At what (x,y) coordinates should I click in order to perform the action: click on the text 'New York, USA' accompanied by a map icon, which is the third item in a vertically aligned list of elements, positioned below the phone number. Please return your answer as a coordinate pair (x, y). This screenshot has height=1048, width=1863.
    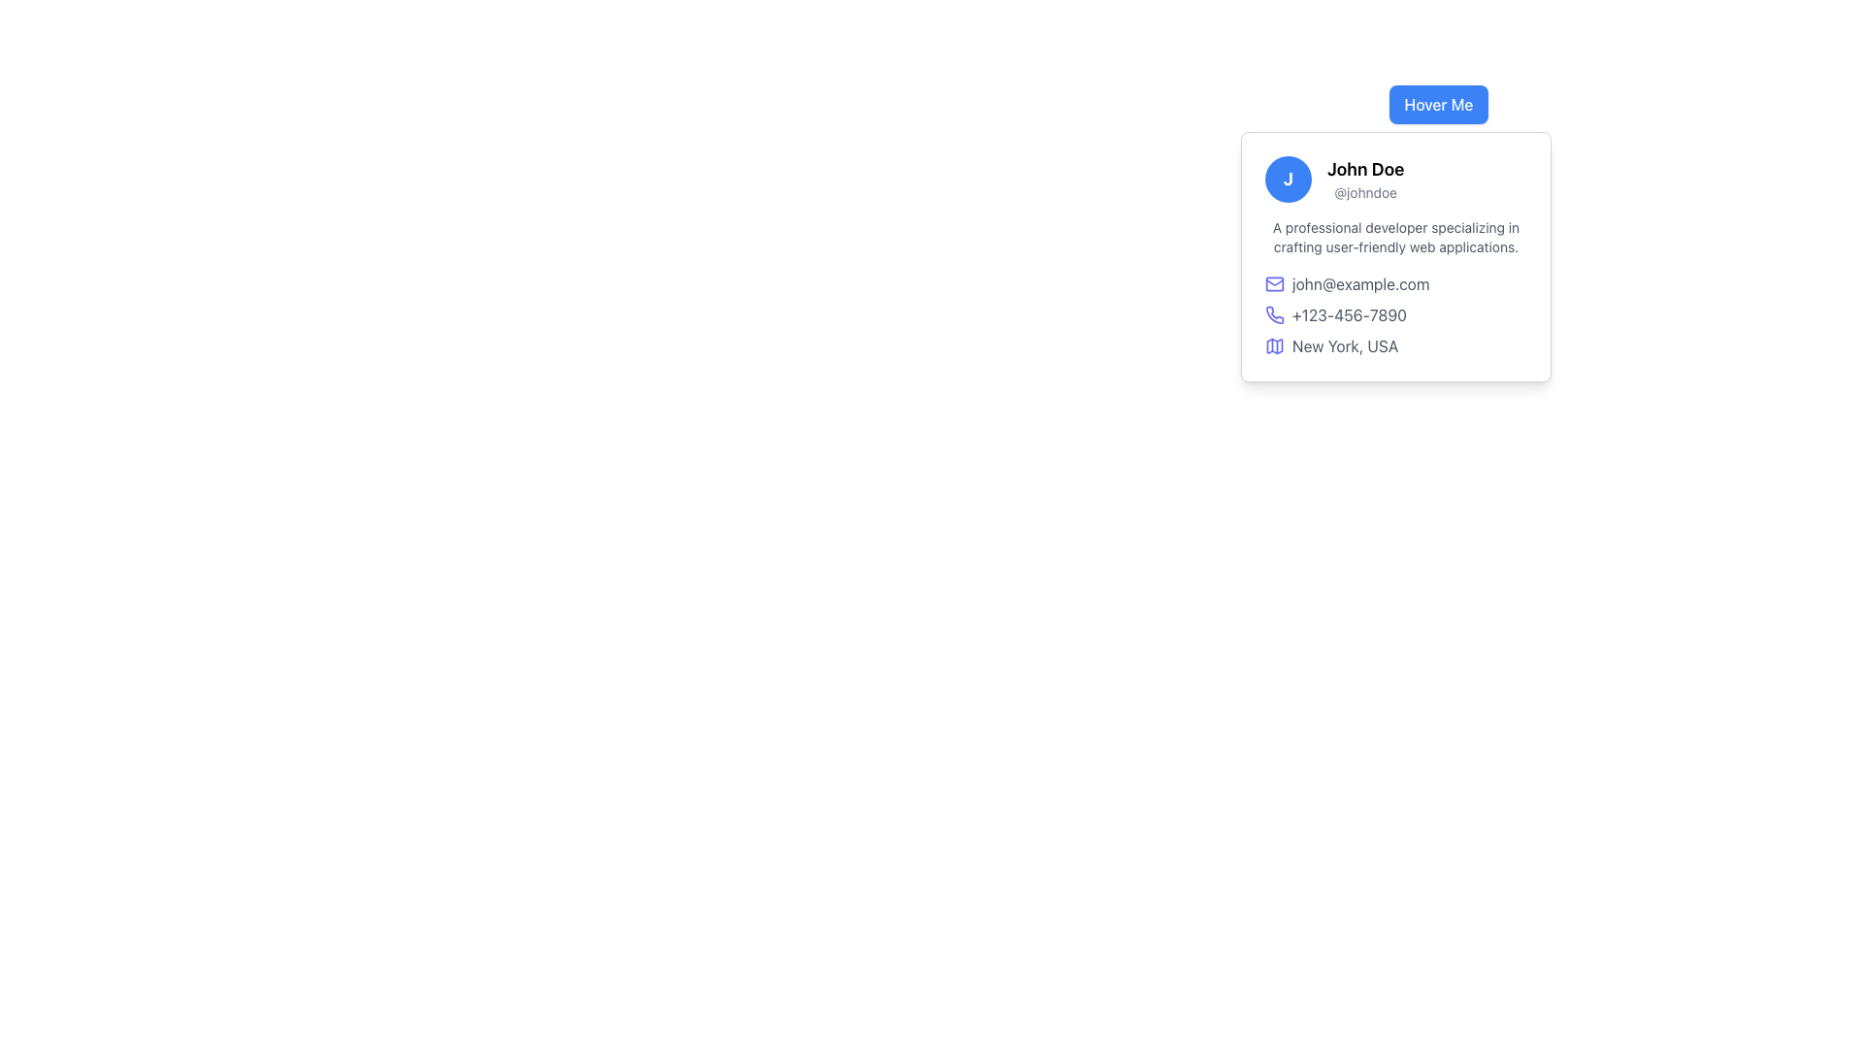
    Looking at the image, I should click on (1395, 345).